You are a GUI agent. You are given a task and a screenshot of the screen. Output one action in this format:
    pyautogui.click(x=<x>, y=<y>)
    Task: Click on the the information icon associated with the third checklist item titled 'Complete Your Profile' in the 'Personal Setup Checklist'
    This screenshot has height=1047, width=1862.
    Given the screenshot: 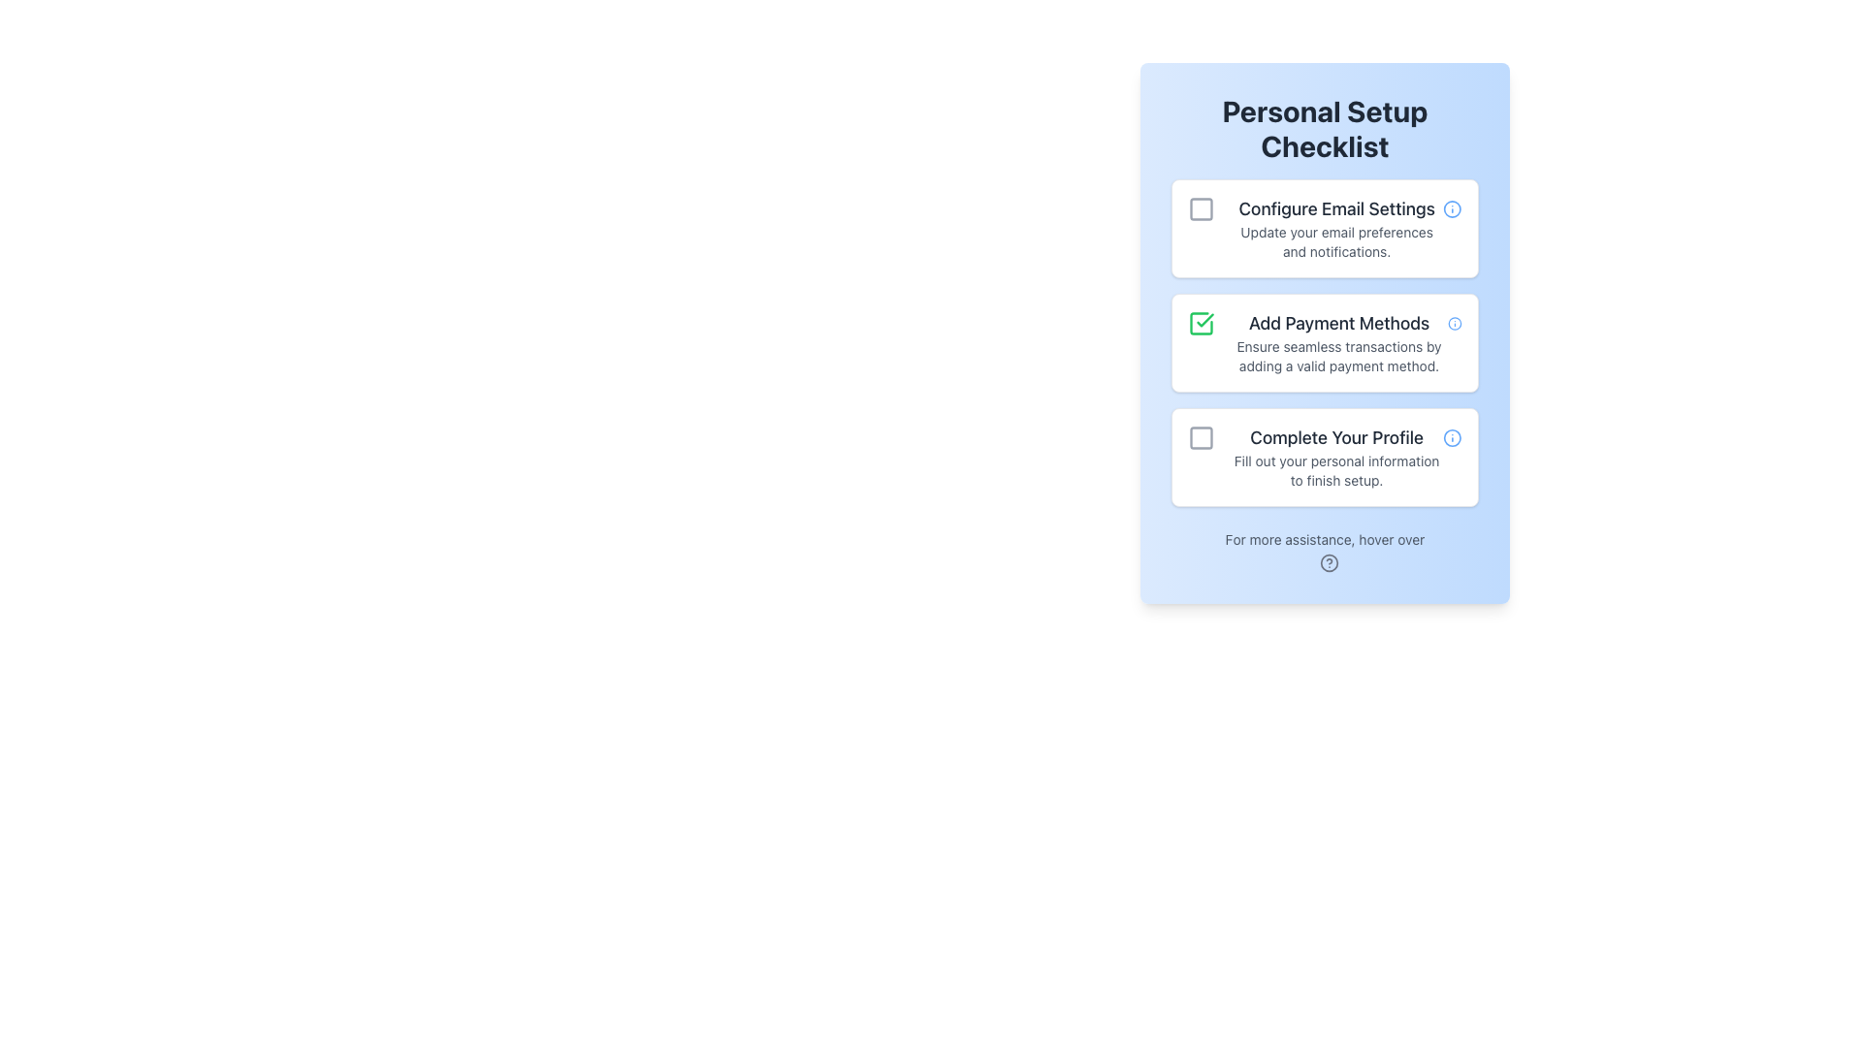 What is the action you would take?
    pyautogui.click(x=1453, y=437)
    